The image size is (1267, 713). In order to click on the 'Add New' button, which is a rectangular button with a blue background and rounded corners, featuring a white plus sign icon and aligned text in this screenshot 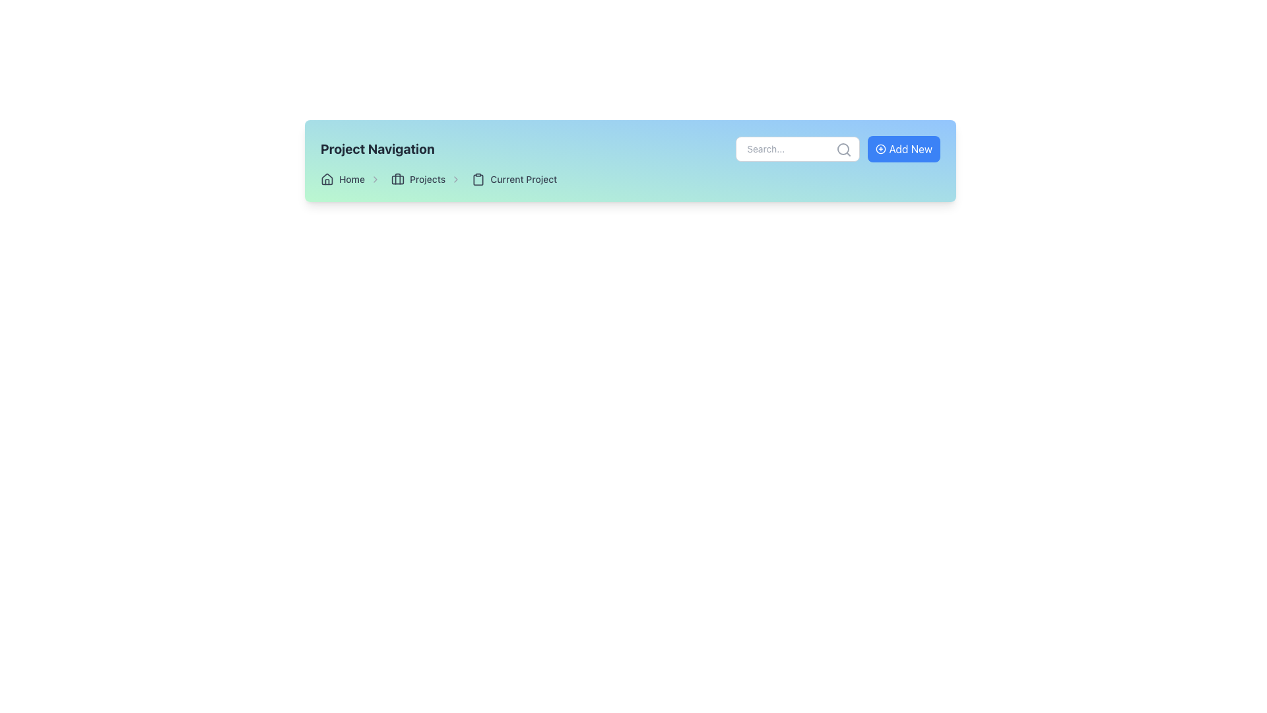, I will do `click(903, 149)`.